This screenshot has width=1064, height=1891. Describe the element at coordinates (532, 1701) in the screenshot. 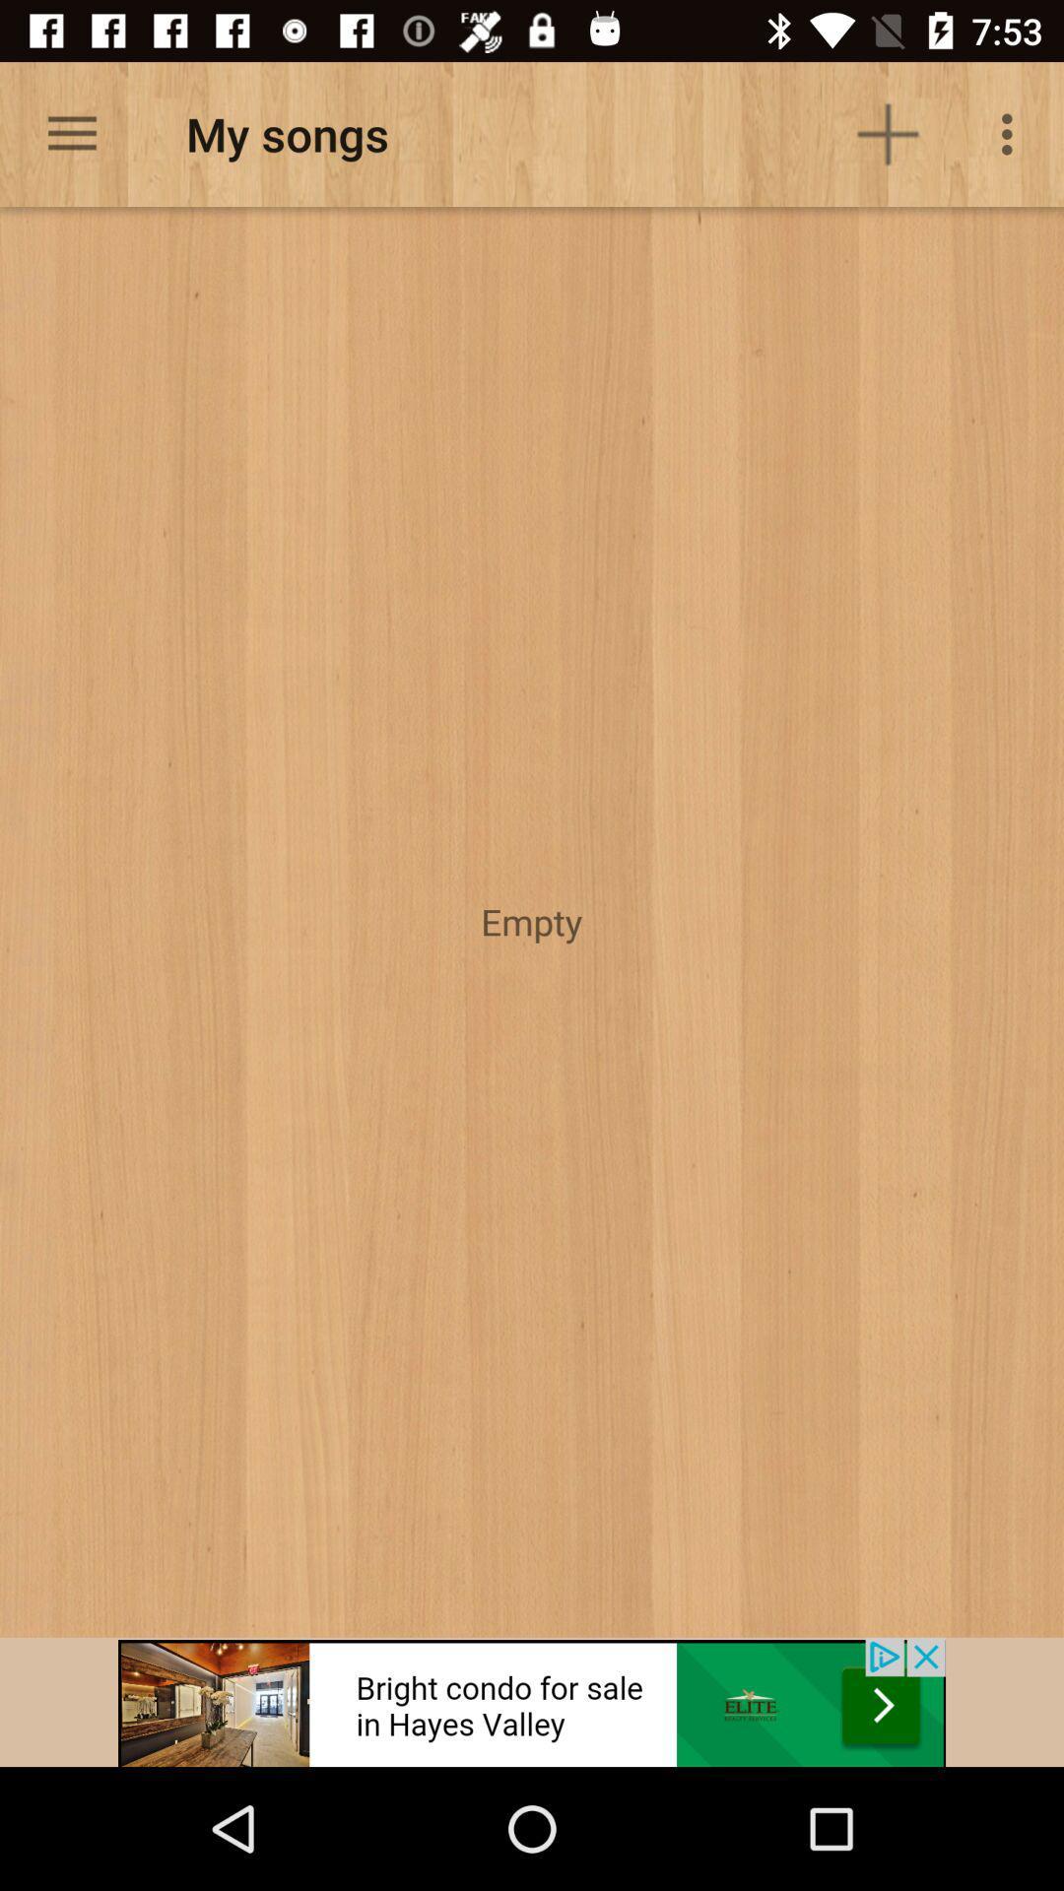

I see `advertisement banner` at that location.